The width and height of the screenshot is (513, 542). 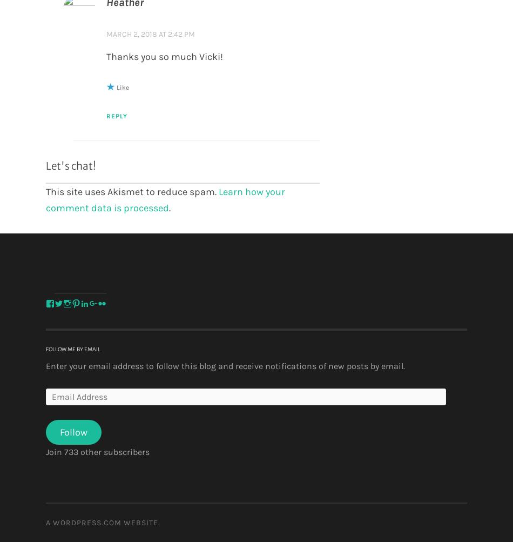 What do you see at coordinates (46, 199) in the screenshot?
I see `'Learn how your comment data is processed'` at bounding box center [46, 199].